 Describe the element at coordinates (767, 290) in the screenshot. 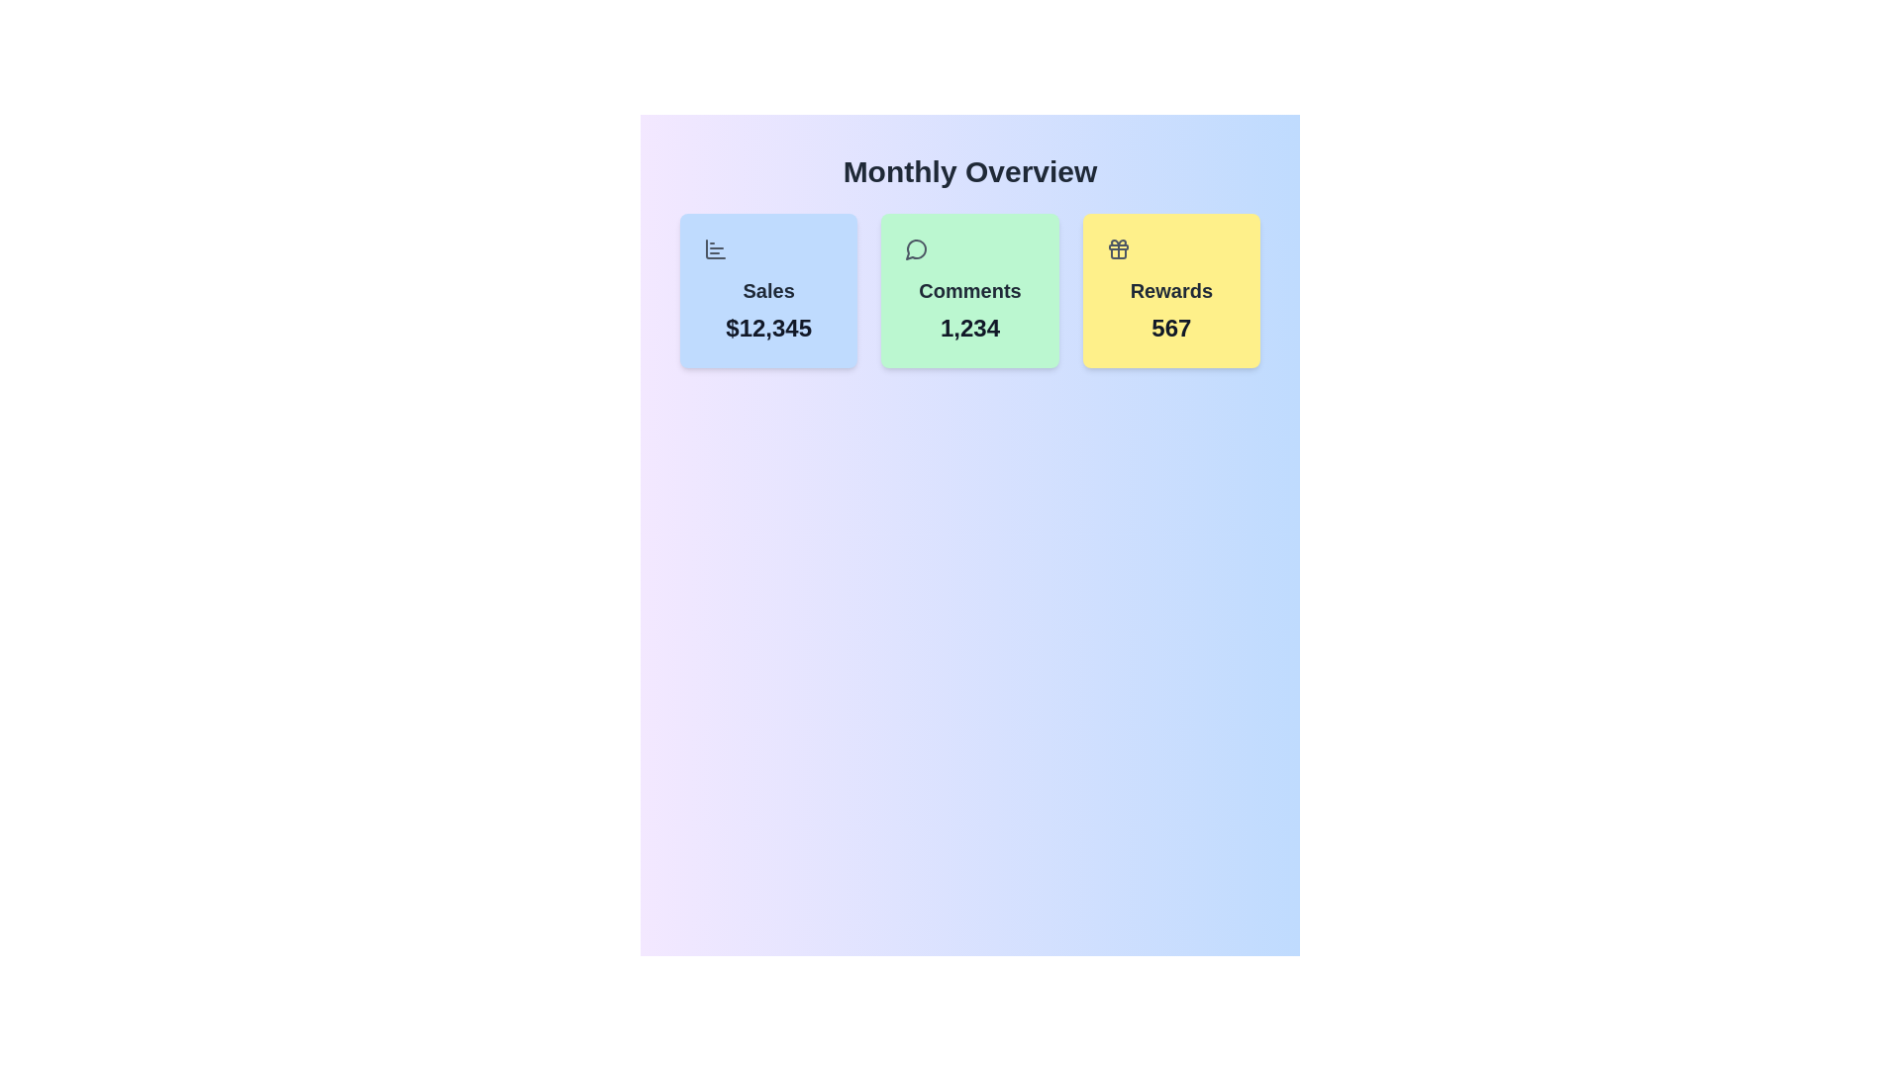

I see `displayed values from the informational summary element that shows the 'Sales' label and the corresponding financial data ('$12,345')` at that location.